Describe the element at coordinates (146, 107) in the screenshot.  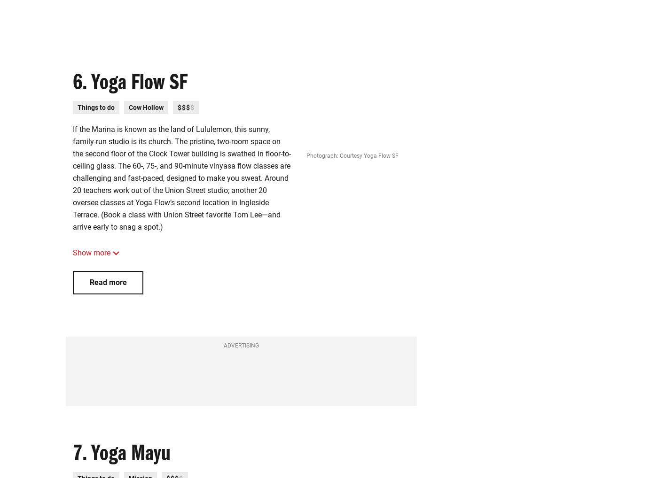
I see `'Cow Hollow'` at that location.